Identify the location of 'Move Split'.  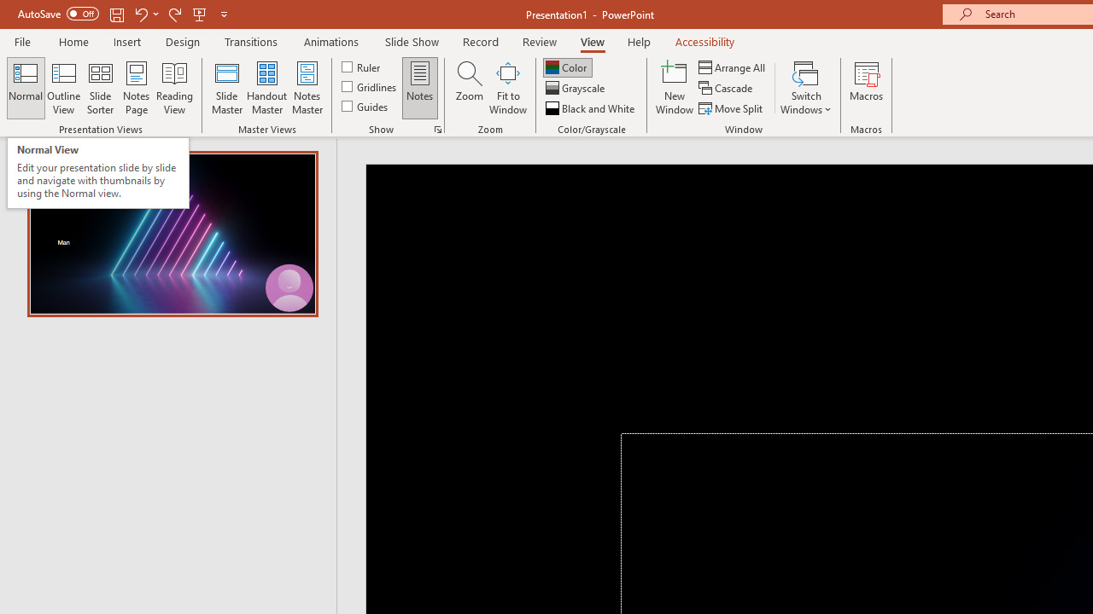
(732, 108).